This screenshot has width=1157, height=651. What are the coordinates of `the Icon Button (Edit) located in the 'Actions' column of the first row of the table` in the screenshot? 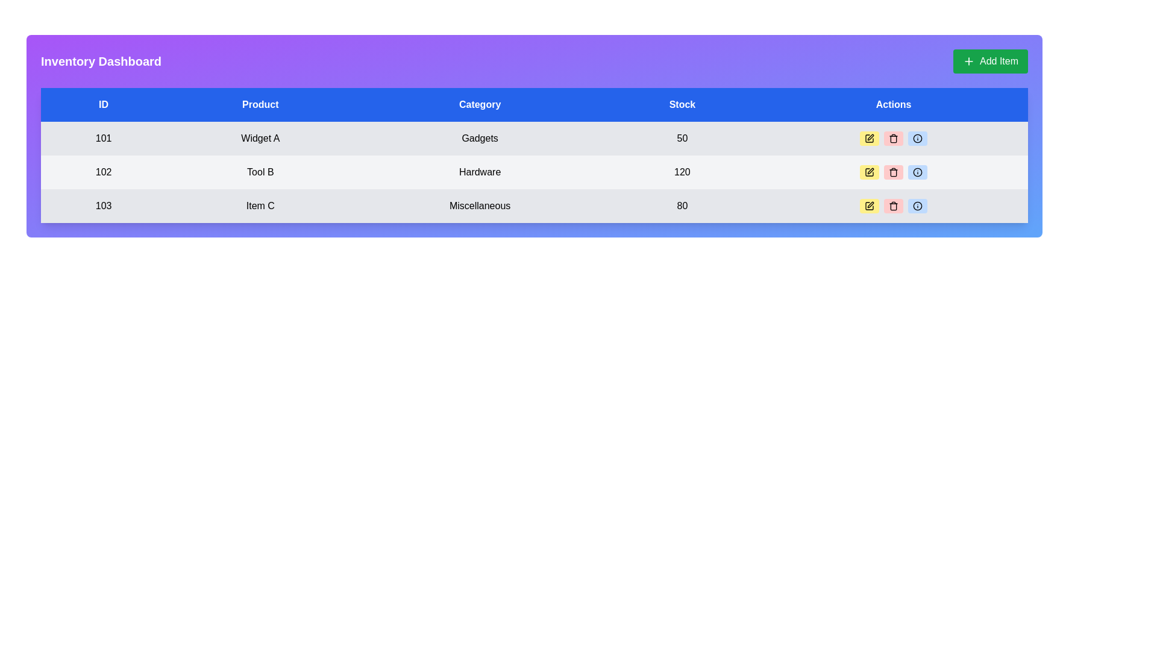 It's located at (870, 138).